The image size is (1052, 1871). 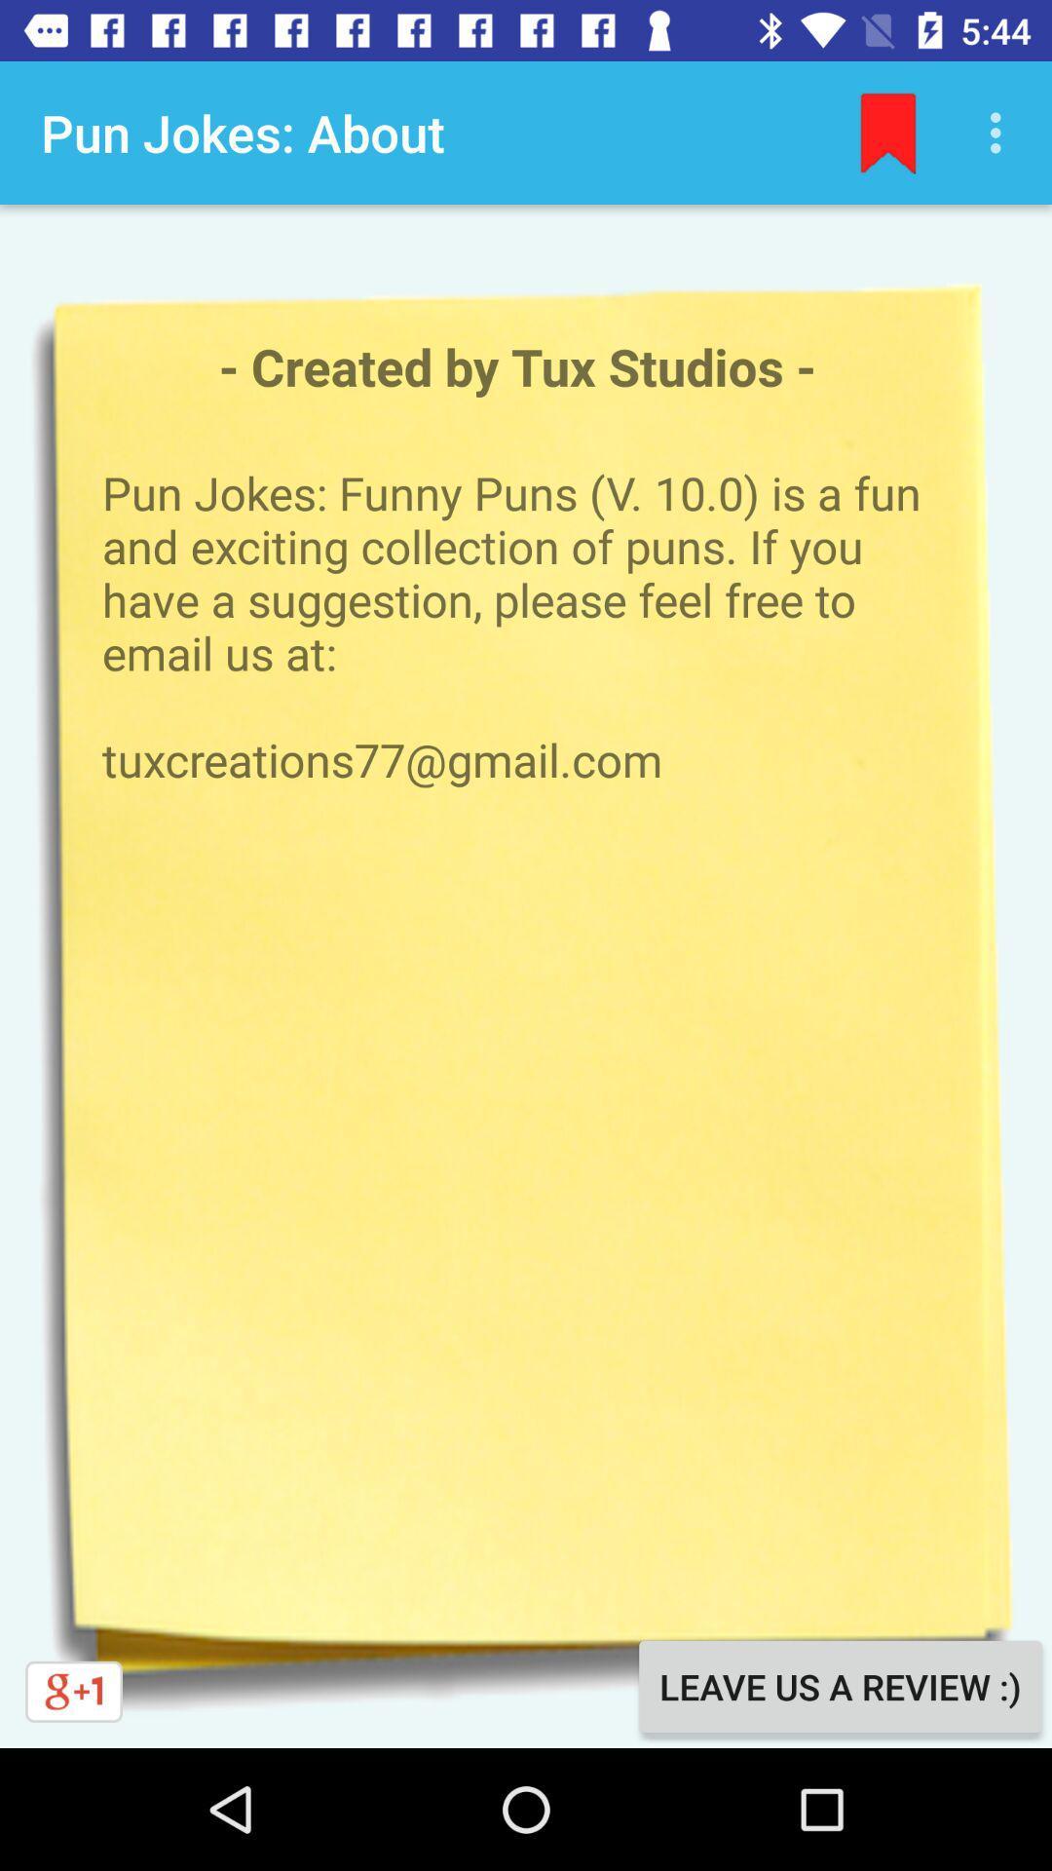 What do you see at coordinates (839, 1686) in the screenshot?
I see `the icon at the bottom right corner` at bounding box center [839, 1686].